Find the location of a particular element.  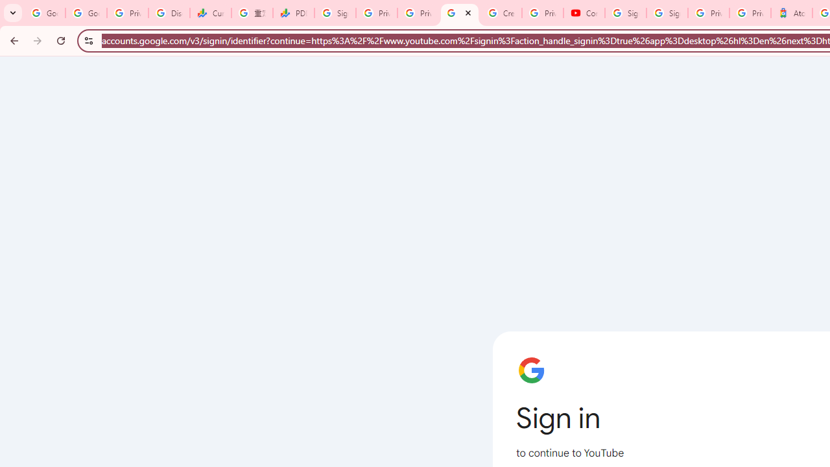

'Sign in - Google Accounts' is located at coordinates (667, 13).